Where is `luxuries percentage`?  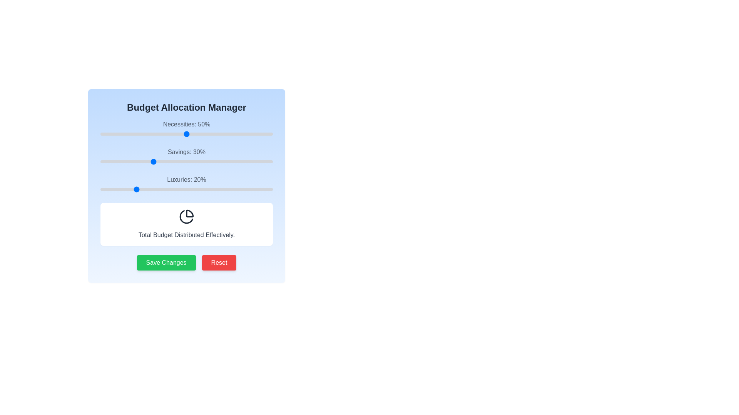
luxuries percentage is located at coordinates (232, 189).